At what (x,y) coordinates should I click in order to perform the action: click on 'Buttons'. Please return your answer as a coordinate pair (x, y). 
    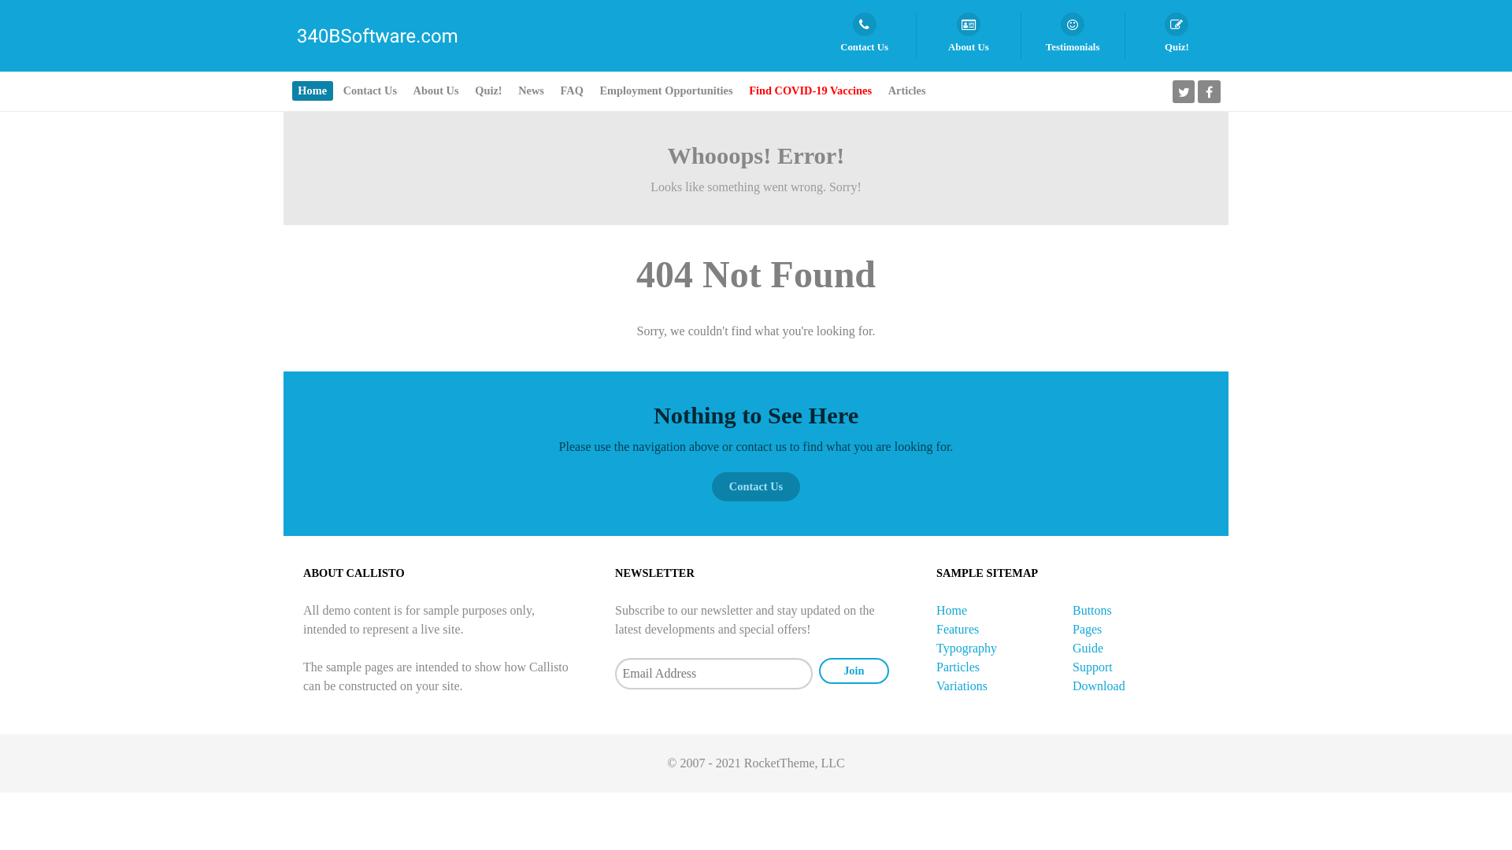
    Looking at the image, I should click on (1091, 609).